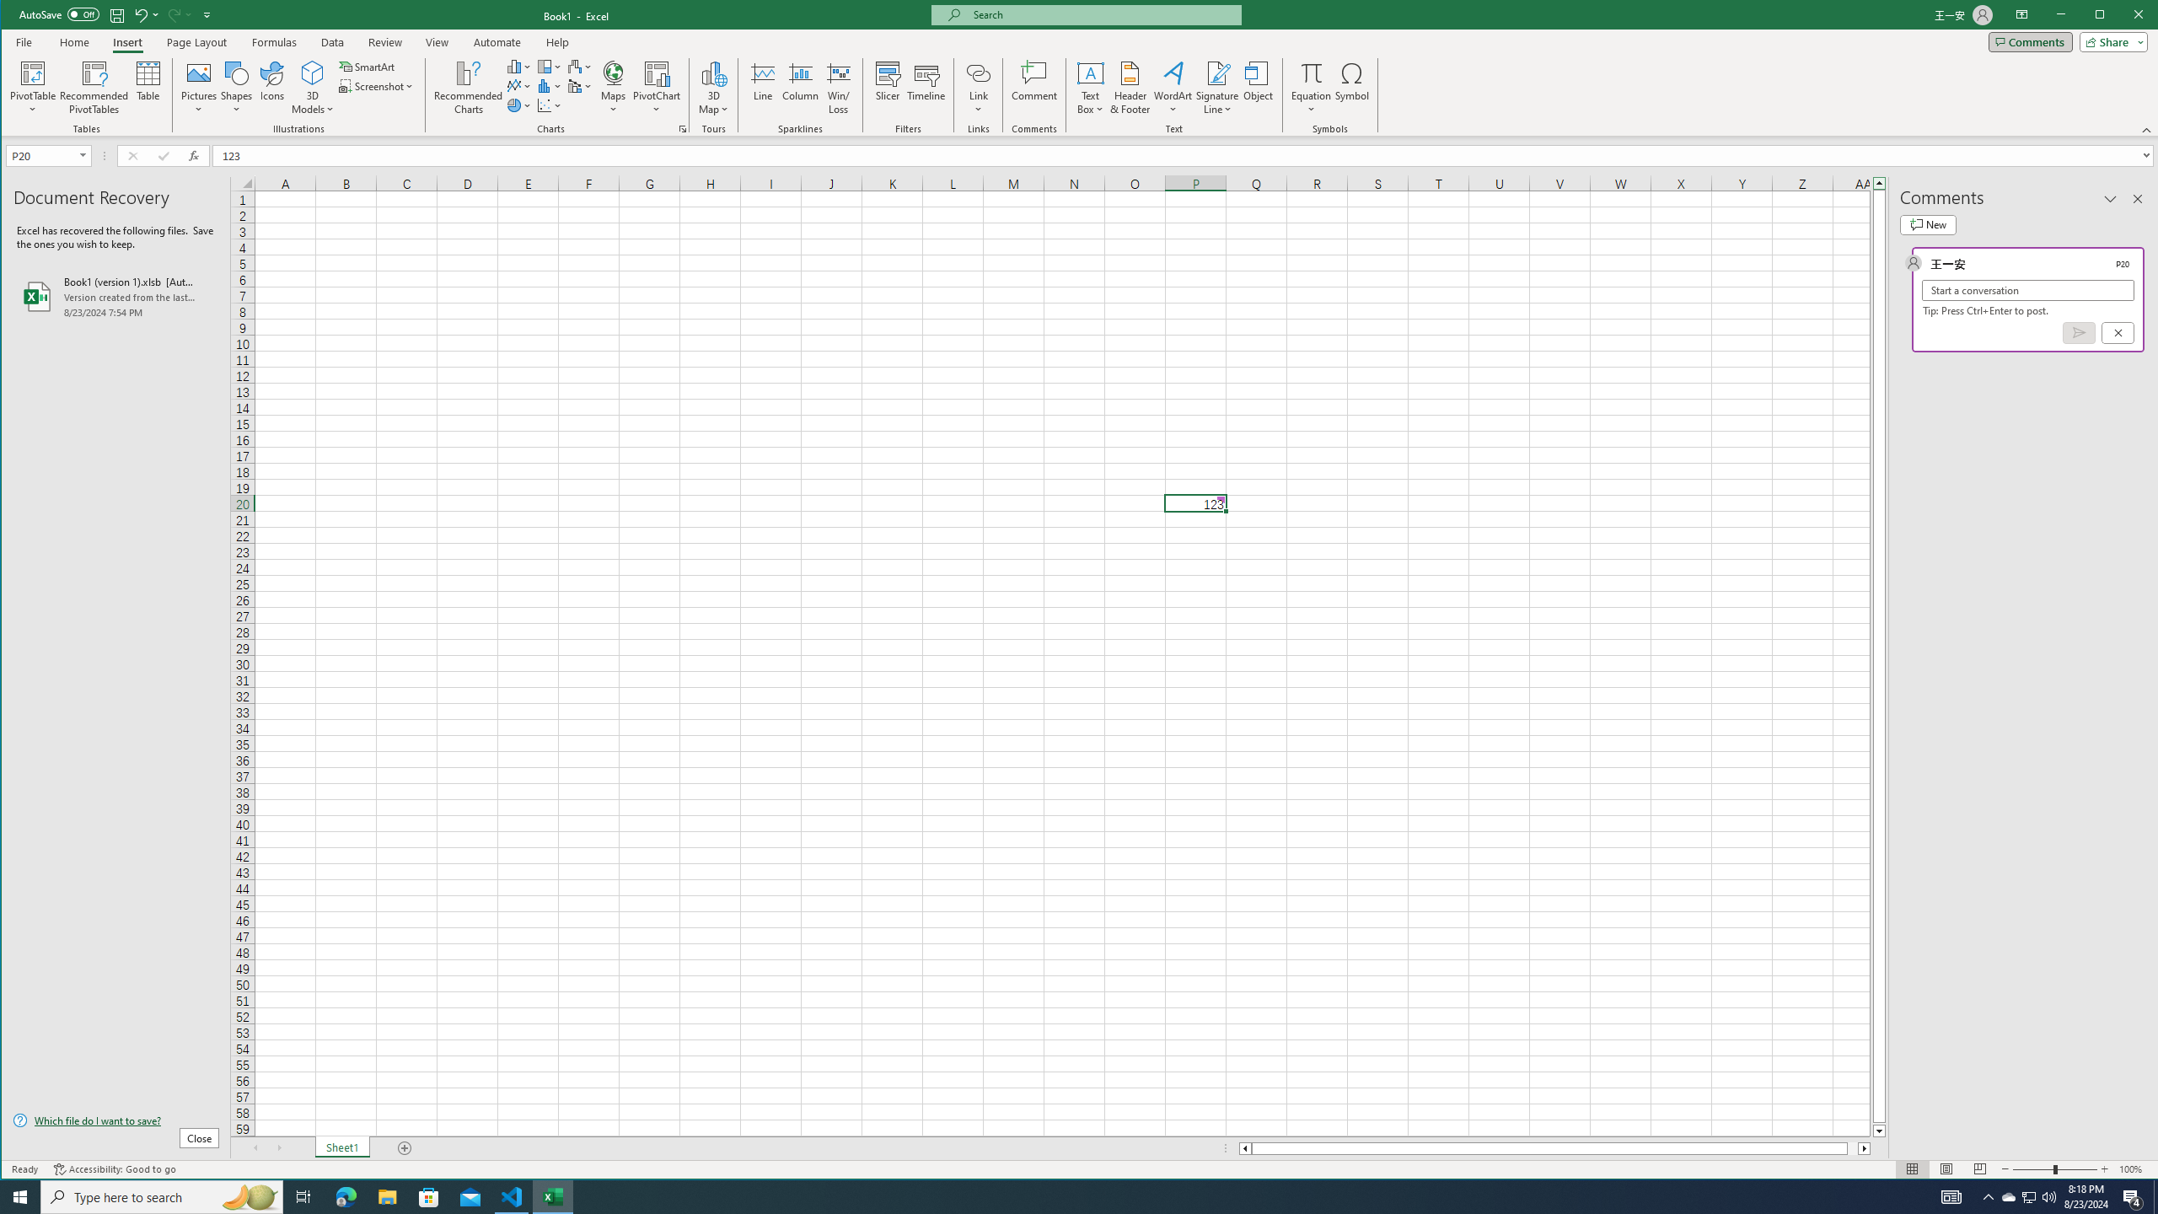  Describe the element at coordinates (1989, 1195) in the screenshot. I see `'Notification Chevron'` at that location.